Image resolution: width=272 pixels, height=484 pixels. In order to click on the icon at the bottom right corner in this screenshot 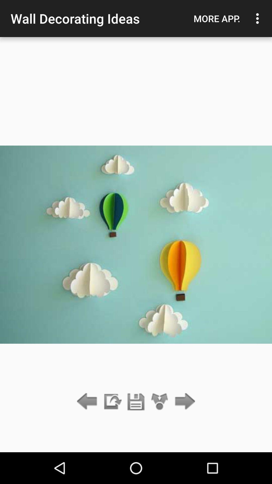, I will do `click(184, 402)`.